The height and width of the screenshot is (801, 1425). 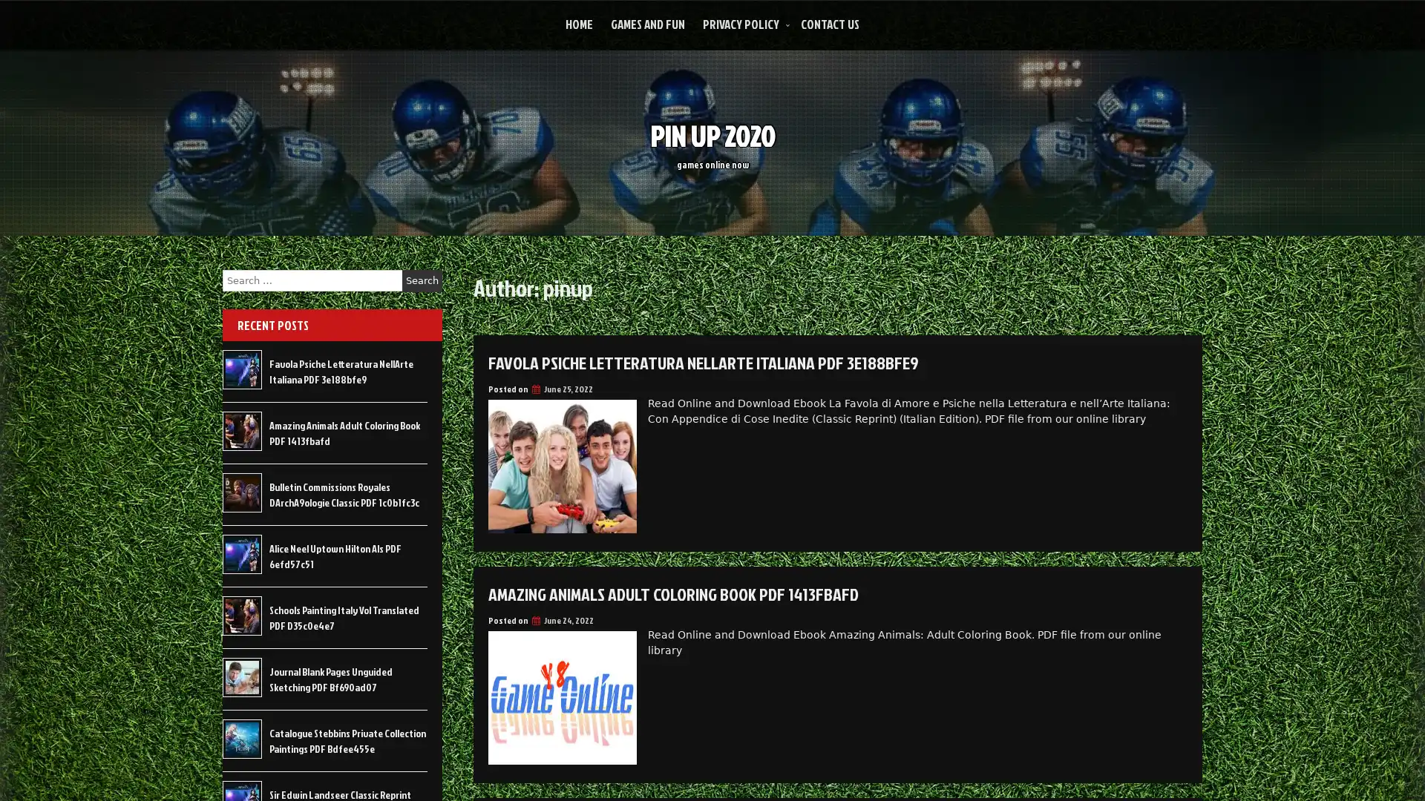 I want to click on Search, so click(x=422, y=280).